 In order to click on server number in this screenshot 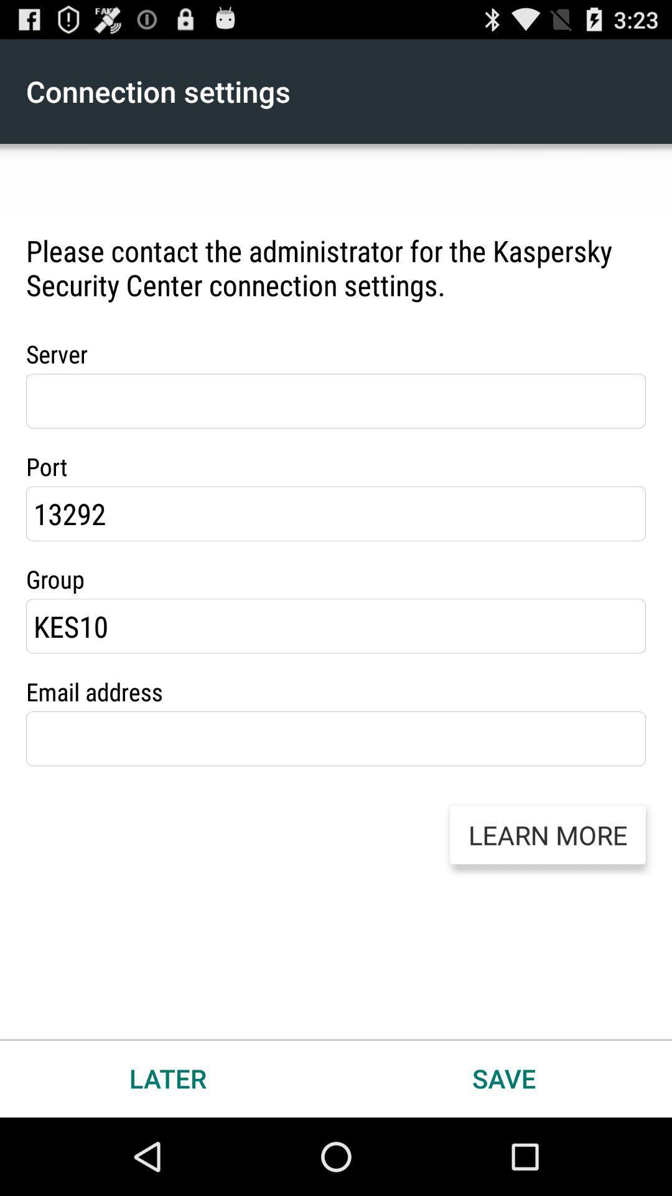, I will do `click(336, 401)`.